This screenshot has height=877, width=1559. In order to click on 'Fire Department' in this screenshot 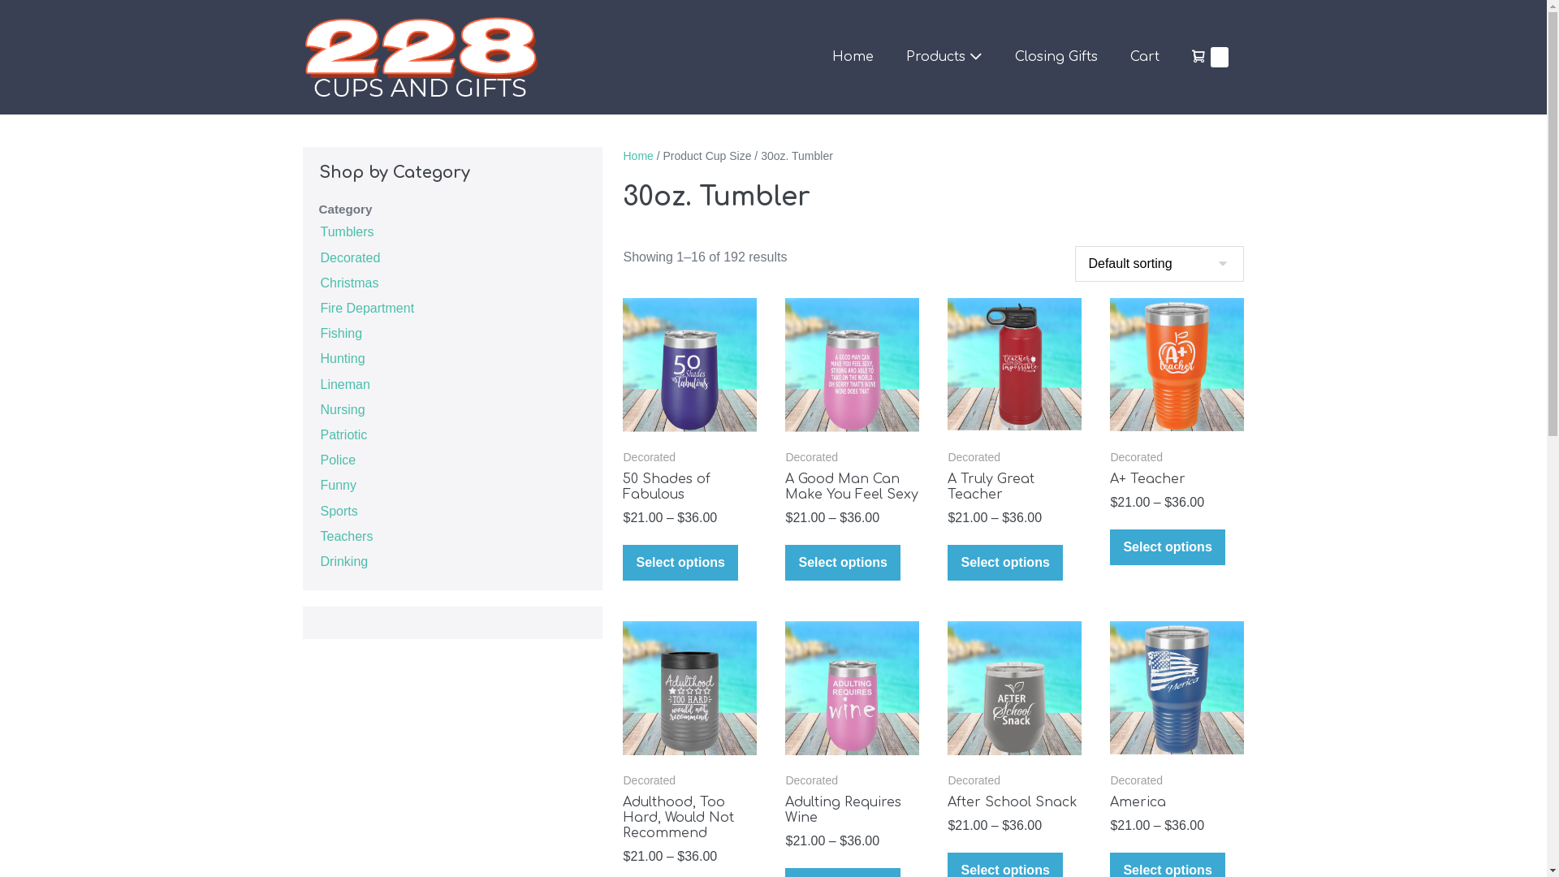, I will do `click(365, 307)`.